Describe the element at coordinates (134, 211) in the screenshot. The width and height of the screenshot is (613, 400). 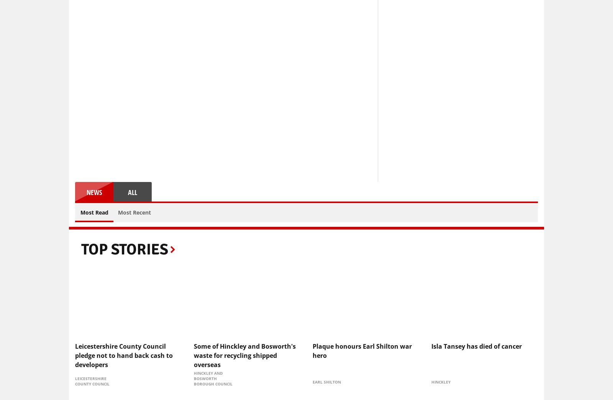
I see `'Most Recent'` at that location.